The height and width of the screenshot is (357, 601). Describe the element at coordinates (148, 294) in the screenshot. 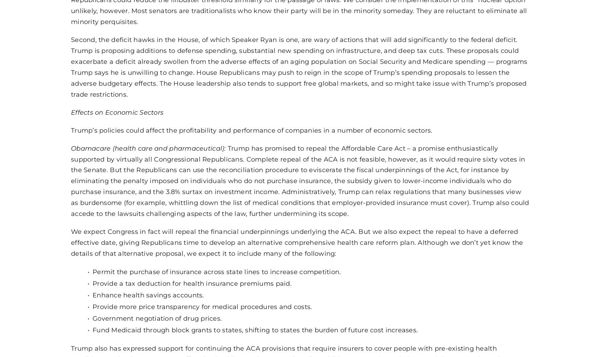

I see `'Enhance health savings accounts.'` at that location.